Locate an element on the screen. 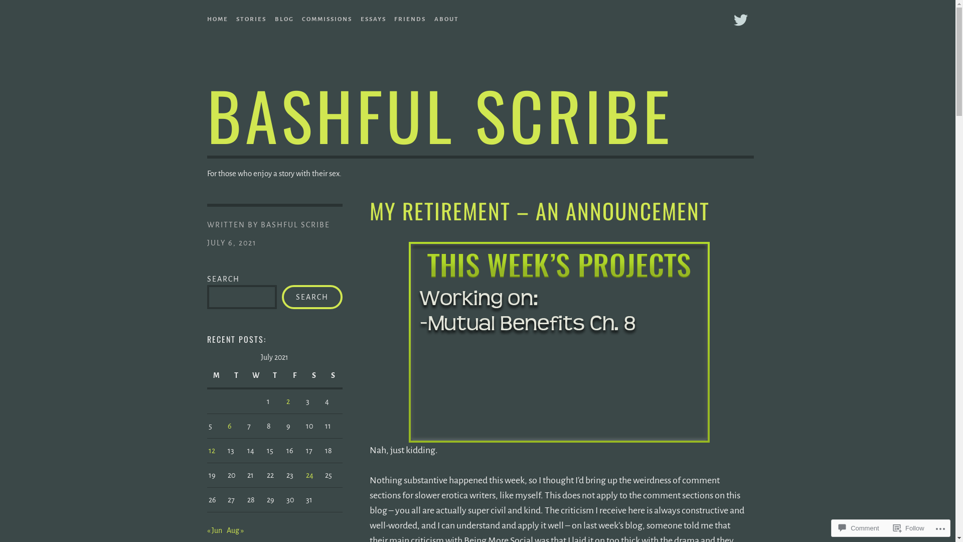  'Comment' is located at coordinates (835, 527).